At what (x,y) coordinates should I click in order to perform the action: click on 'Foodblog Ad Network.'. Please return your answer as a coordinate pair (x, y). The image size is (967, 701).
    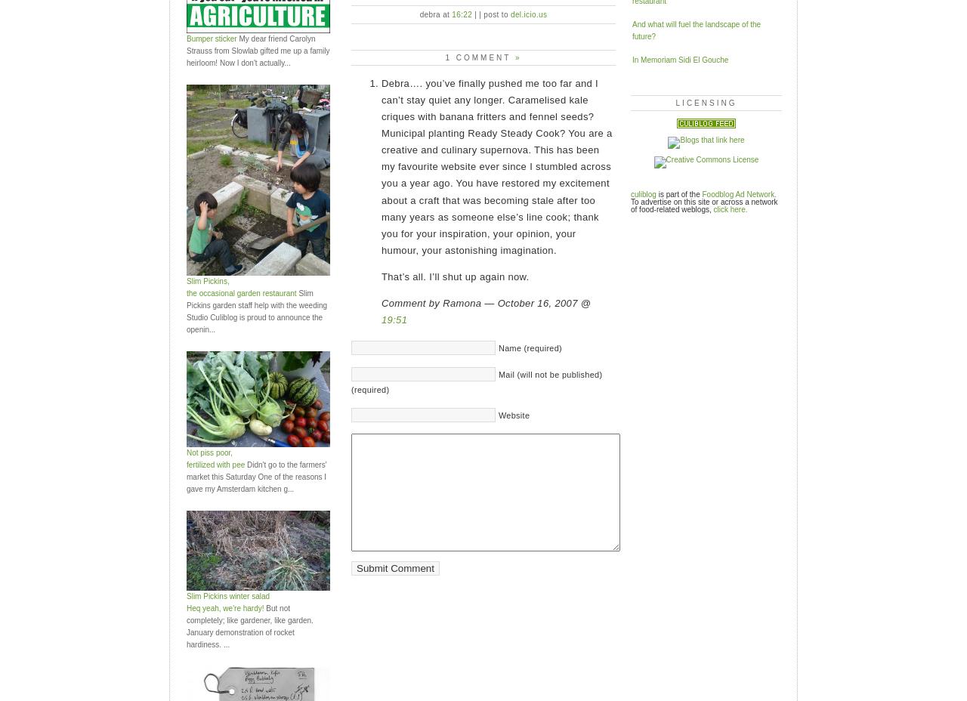
    Looking at the image, I should click on (739, 193).